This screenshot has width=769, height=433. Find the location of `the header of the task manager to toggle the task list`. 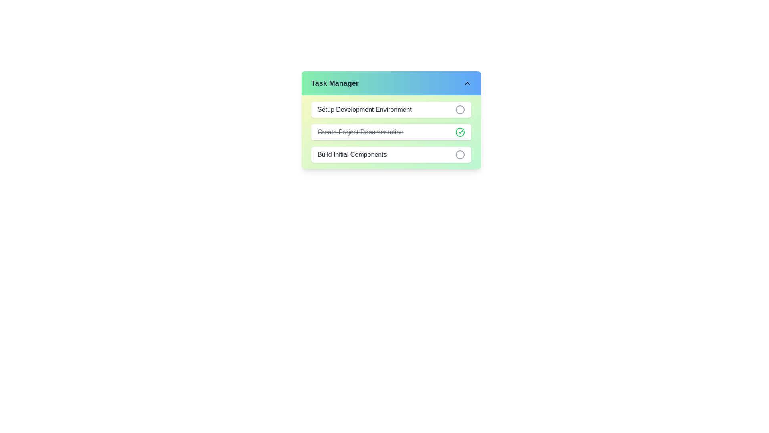

the header of the task manager to toggle the task list is located at coordinates (391, 83).